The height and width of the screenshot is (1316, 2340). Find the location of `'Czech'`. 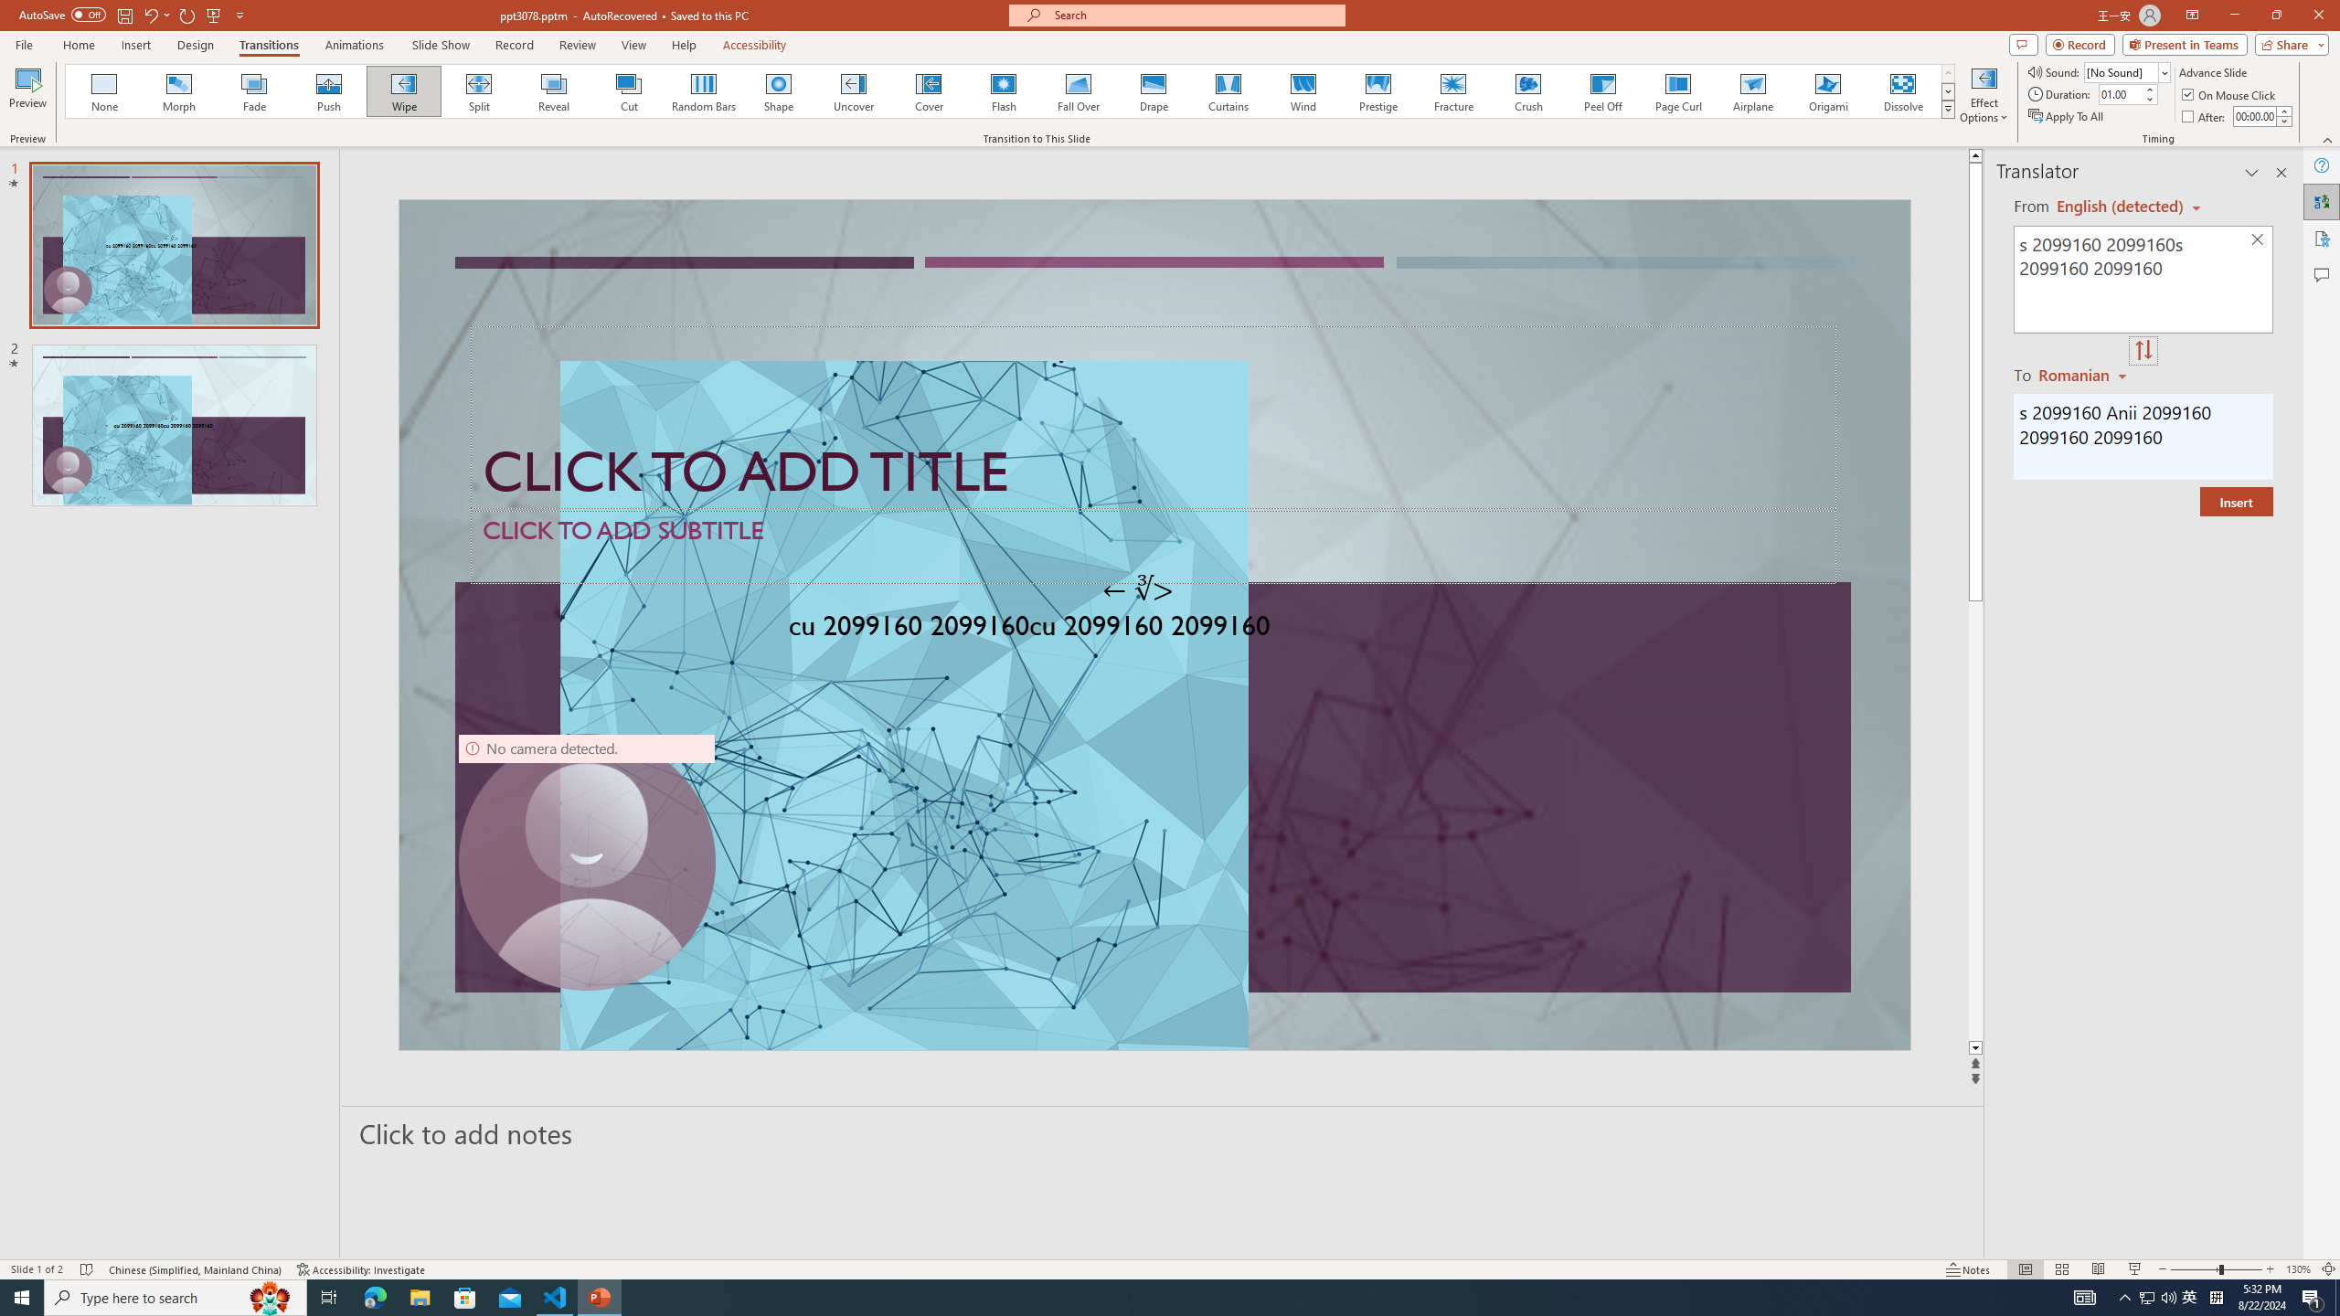

'Czech' is located at coordinates (2083, 374).